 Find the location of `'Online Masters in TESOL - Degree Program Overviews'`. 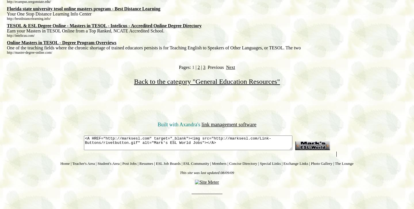

'Online Masters in TESOL - Degree Program Overviews' is located at coordinates (7, 42).